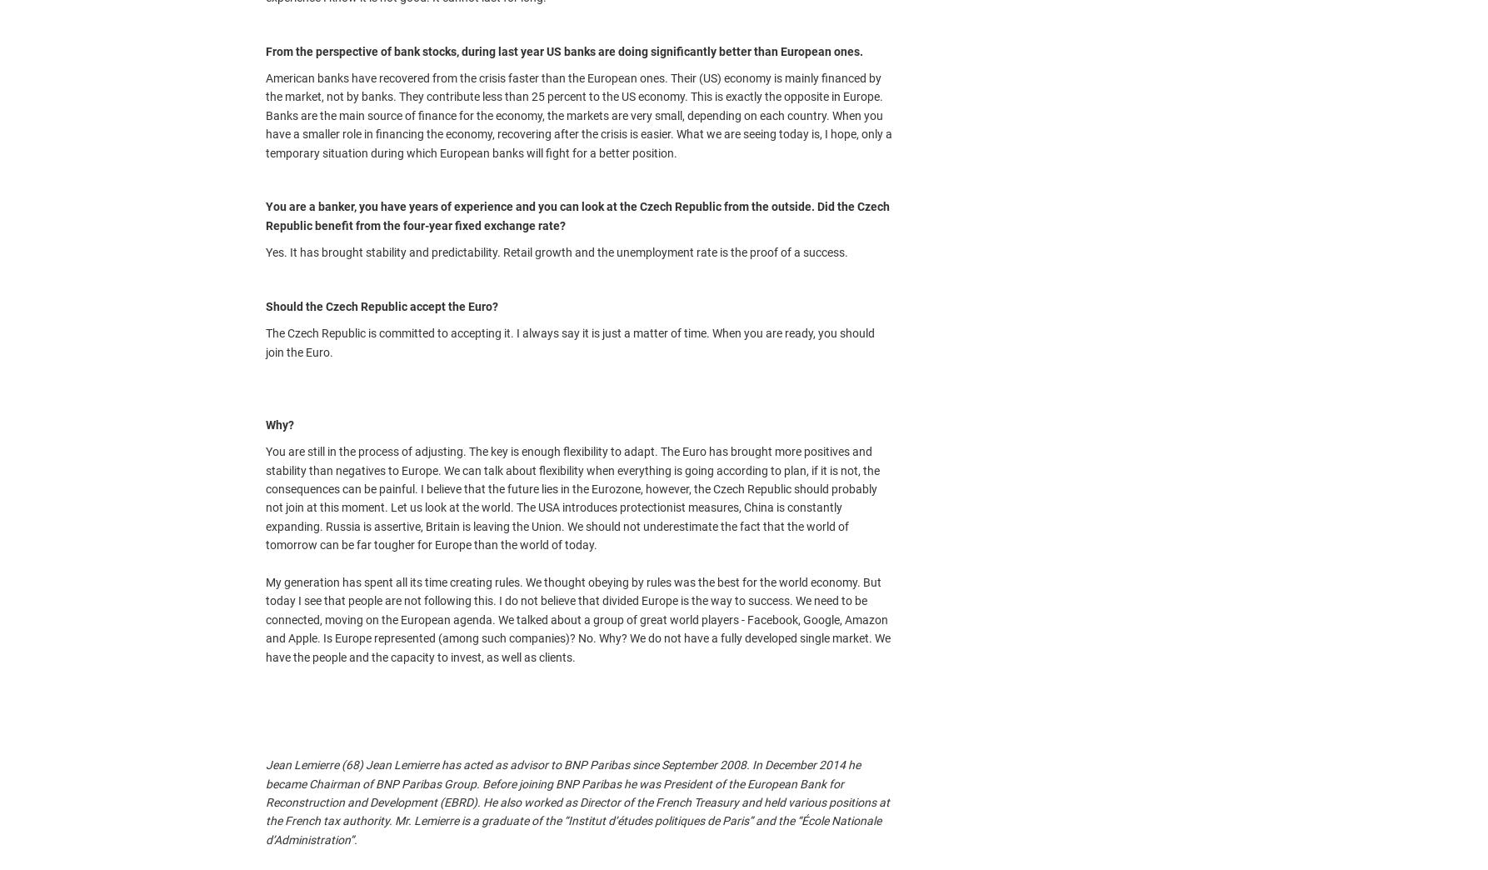  Describe the element at coordinates (557, 251) in the screenshot. I see `'Yes. It has brought stability and predictability. Retail growth and the unemployment rate is the proof of a success.'` at that location.